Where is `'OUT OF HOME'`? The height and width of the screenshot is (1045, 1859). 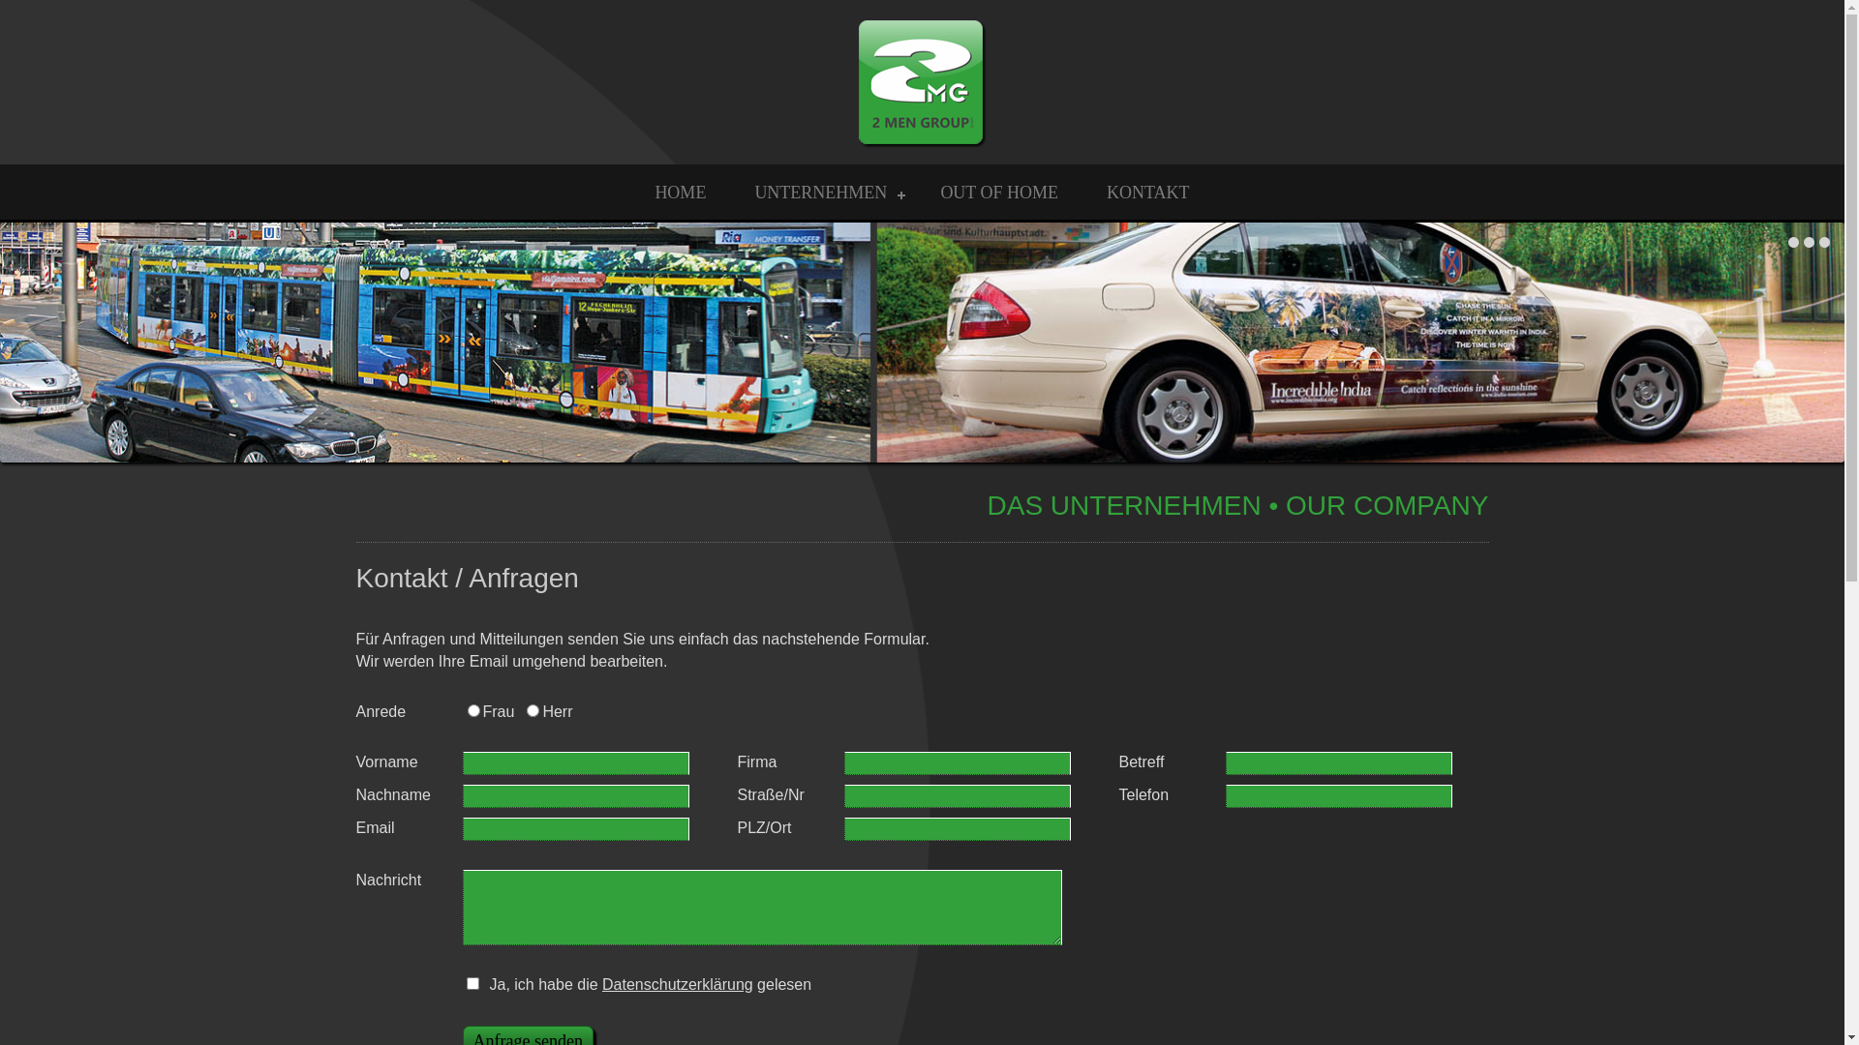
'OUT OF HOME' is located at coordinates (999, 193).